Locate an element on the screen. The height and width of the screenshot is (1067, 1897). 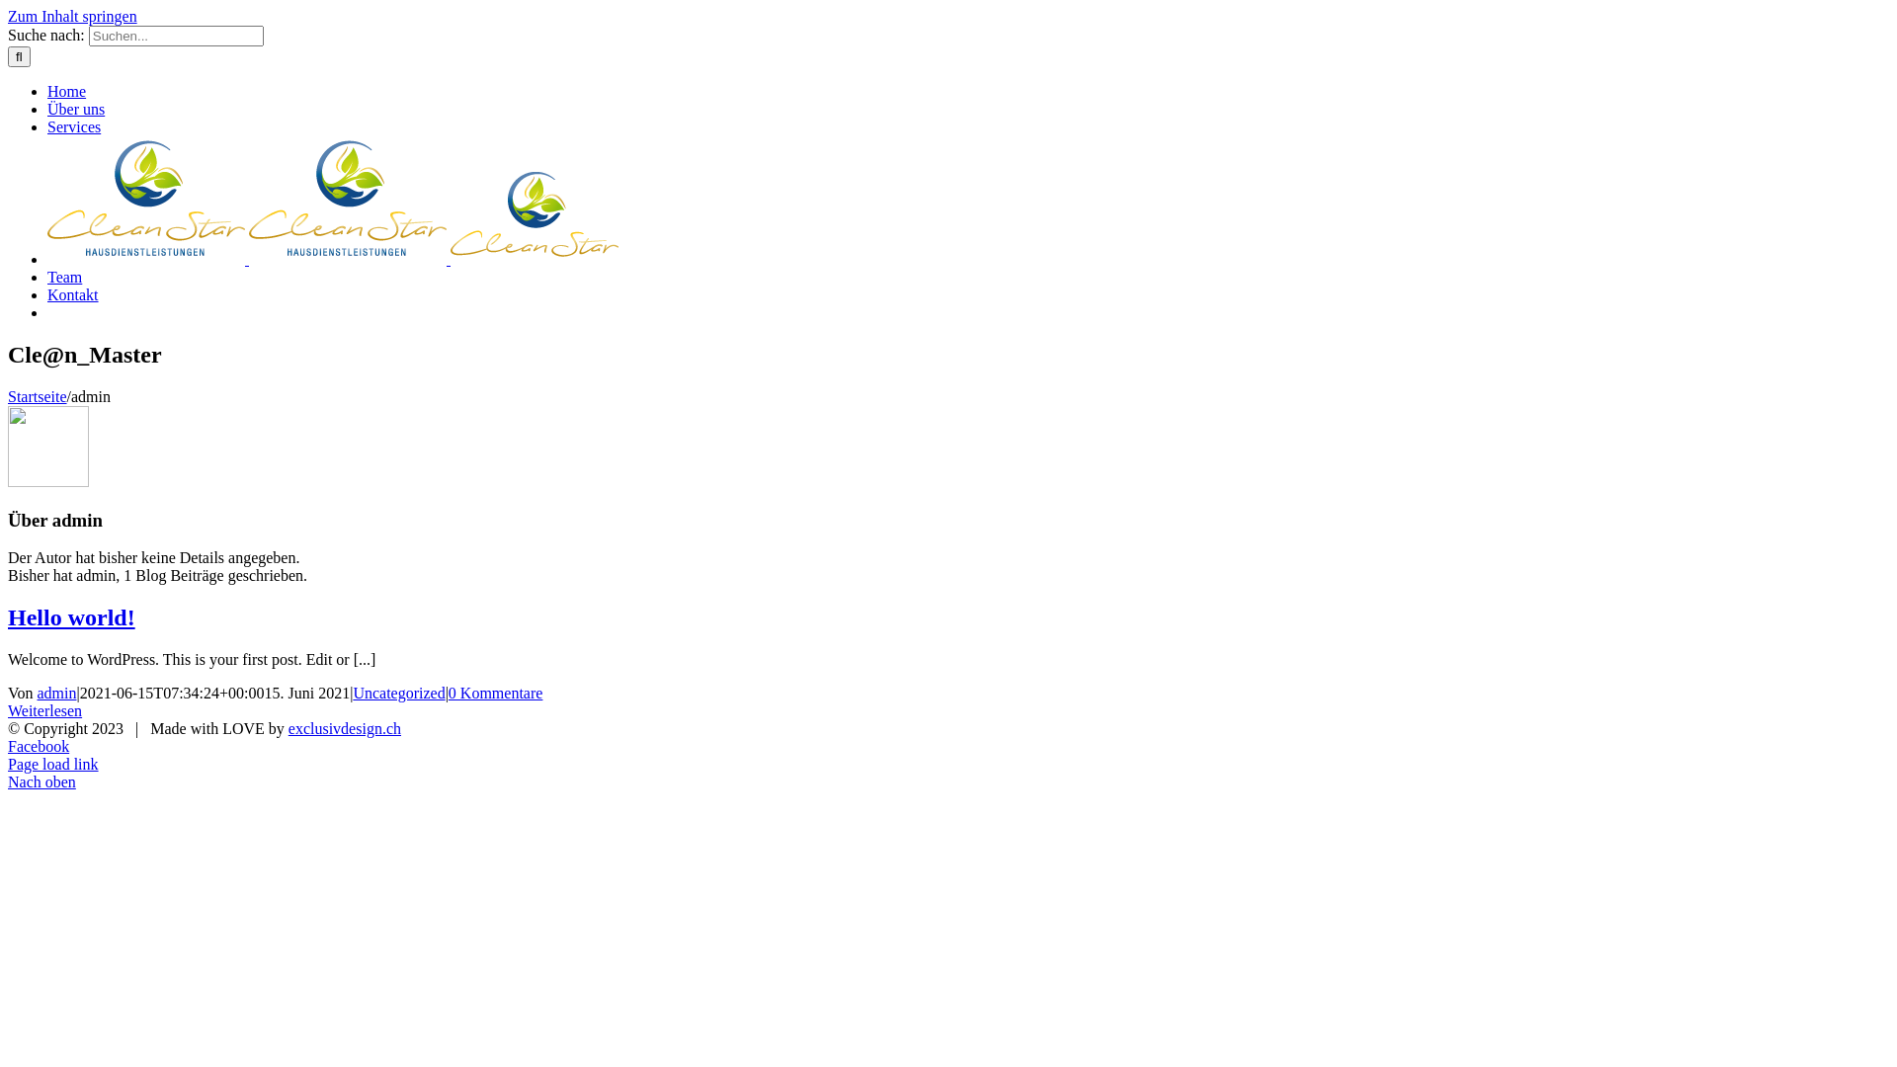
'Kontakt' is located at coordinates (72, 294).